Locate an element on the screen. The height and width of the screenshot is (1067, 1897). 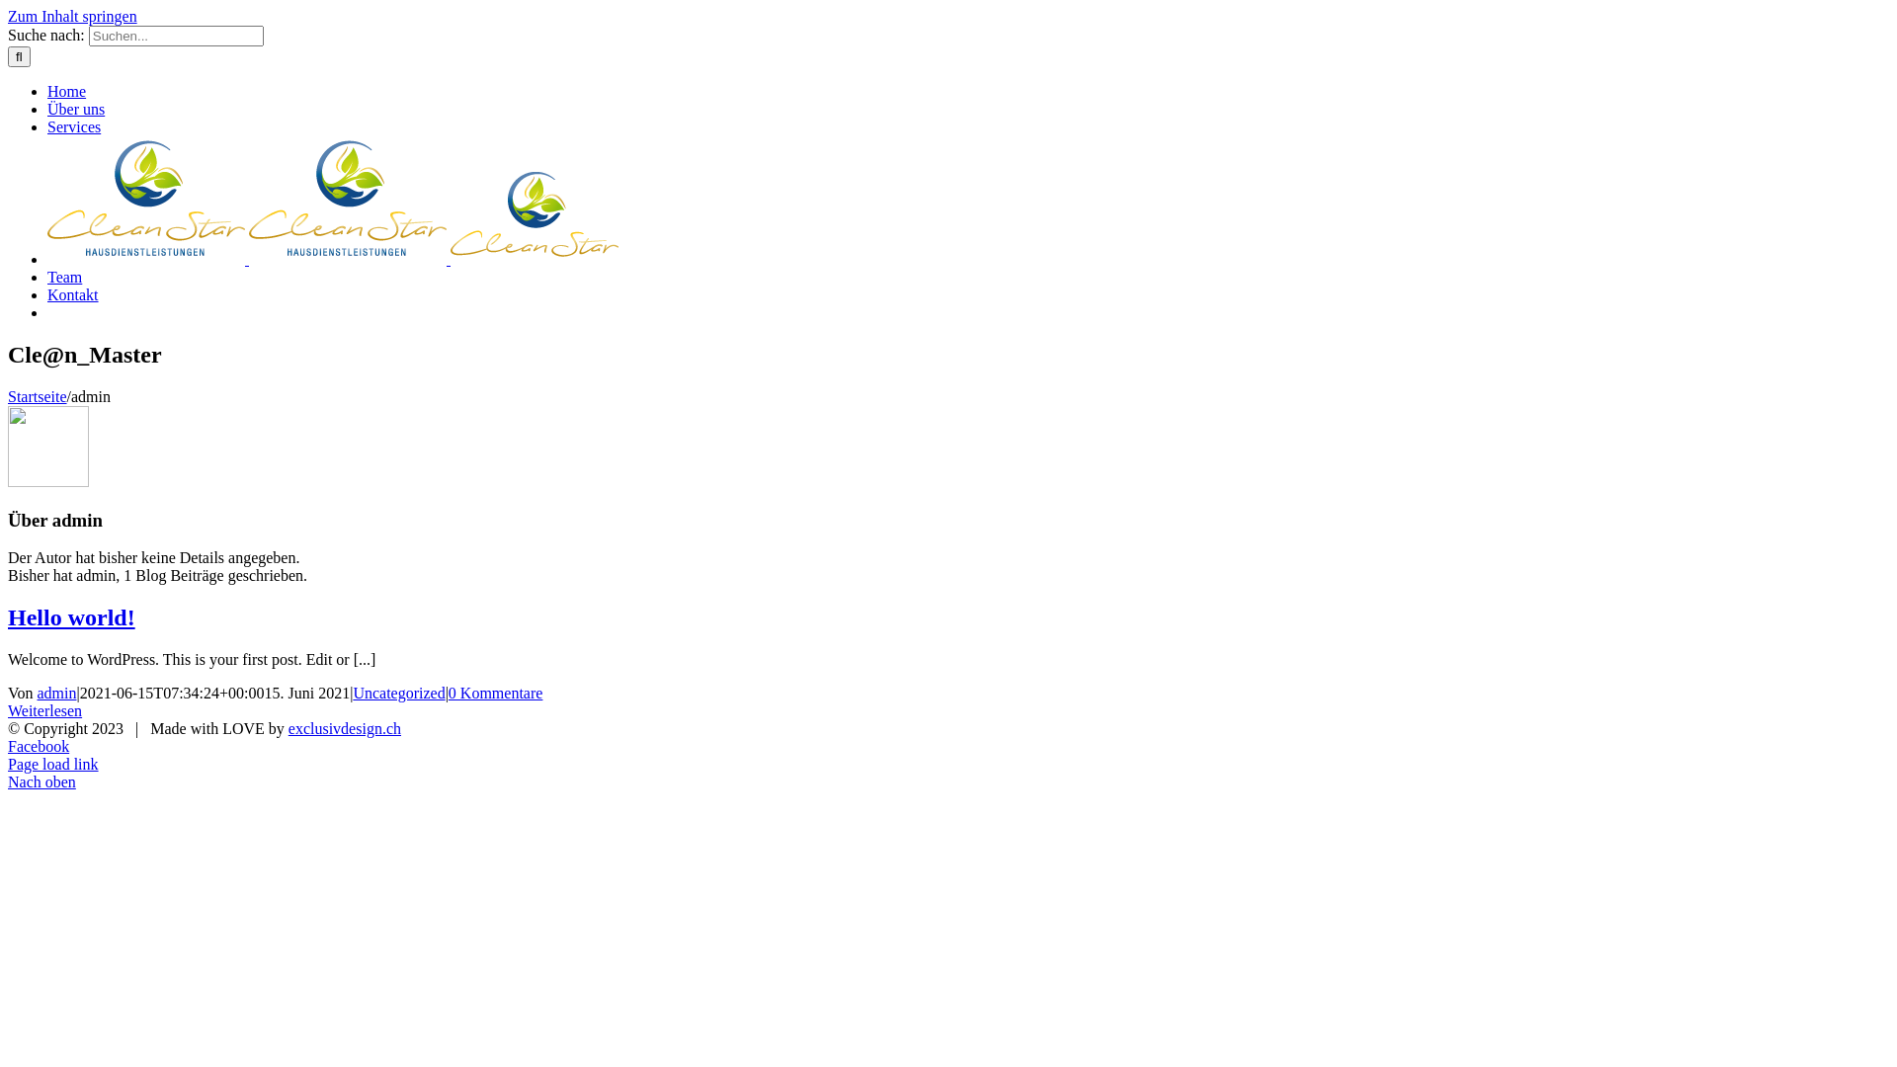
'Kontakt' is located at coordinates (72, 294).